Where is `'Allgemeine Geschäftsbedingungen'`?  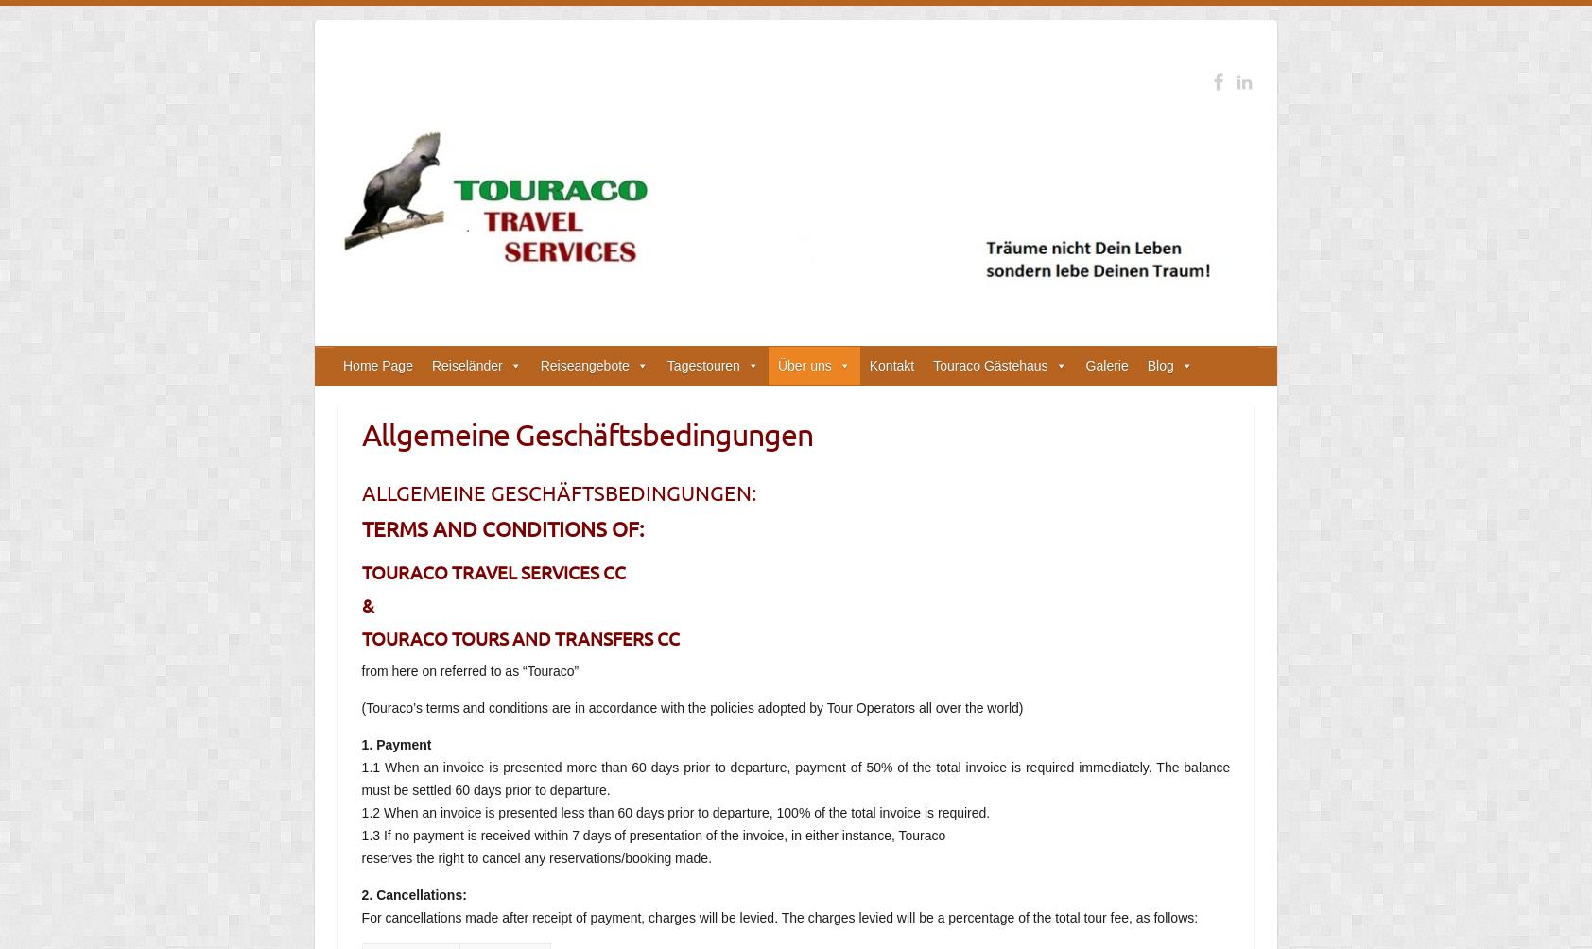 'Allgemeine Geschäftsbedingungen' is located at coordinates (585, 432).